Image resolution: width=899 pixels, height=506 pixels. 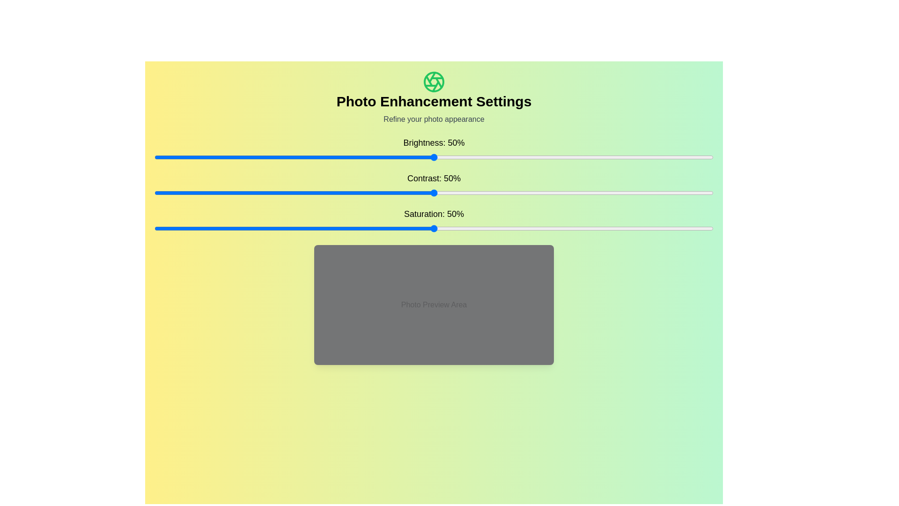 I want to click on the contrast slider to set the contrast to 48%, so click(x=422, y=193).